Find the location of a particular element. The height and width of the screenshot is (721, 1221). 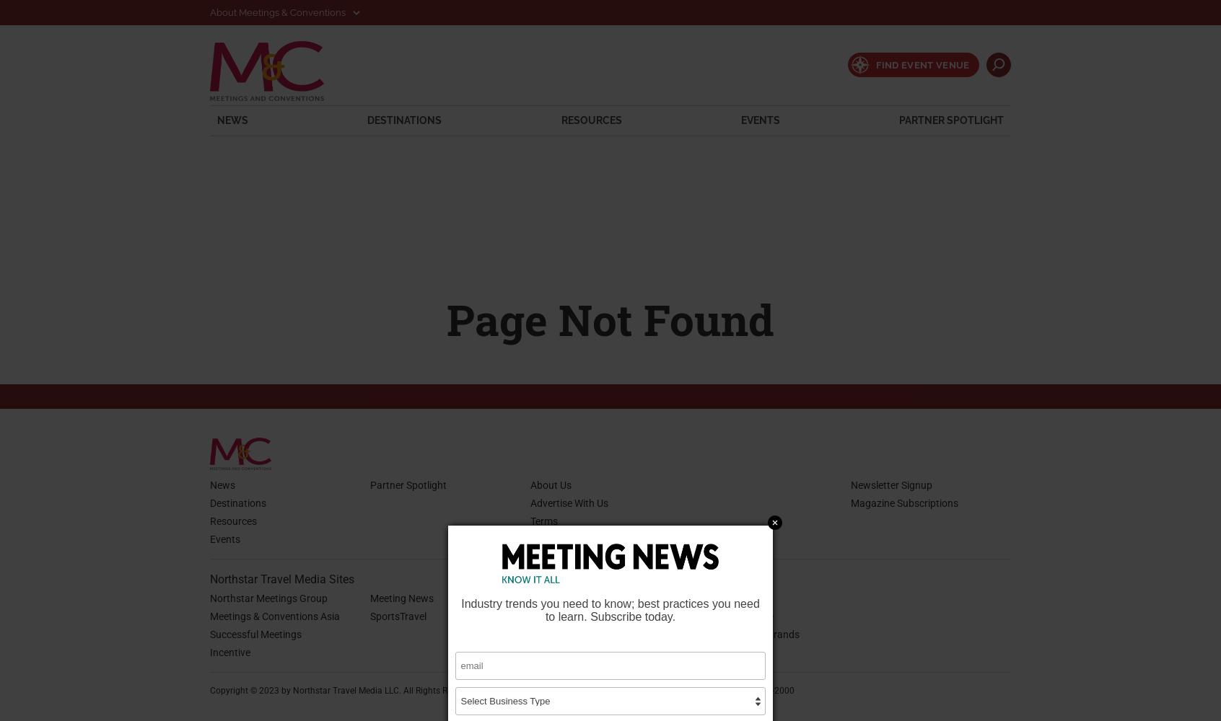

'Find event venue' is located at coordinates (922, 63).